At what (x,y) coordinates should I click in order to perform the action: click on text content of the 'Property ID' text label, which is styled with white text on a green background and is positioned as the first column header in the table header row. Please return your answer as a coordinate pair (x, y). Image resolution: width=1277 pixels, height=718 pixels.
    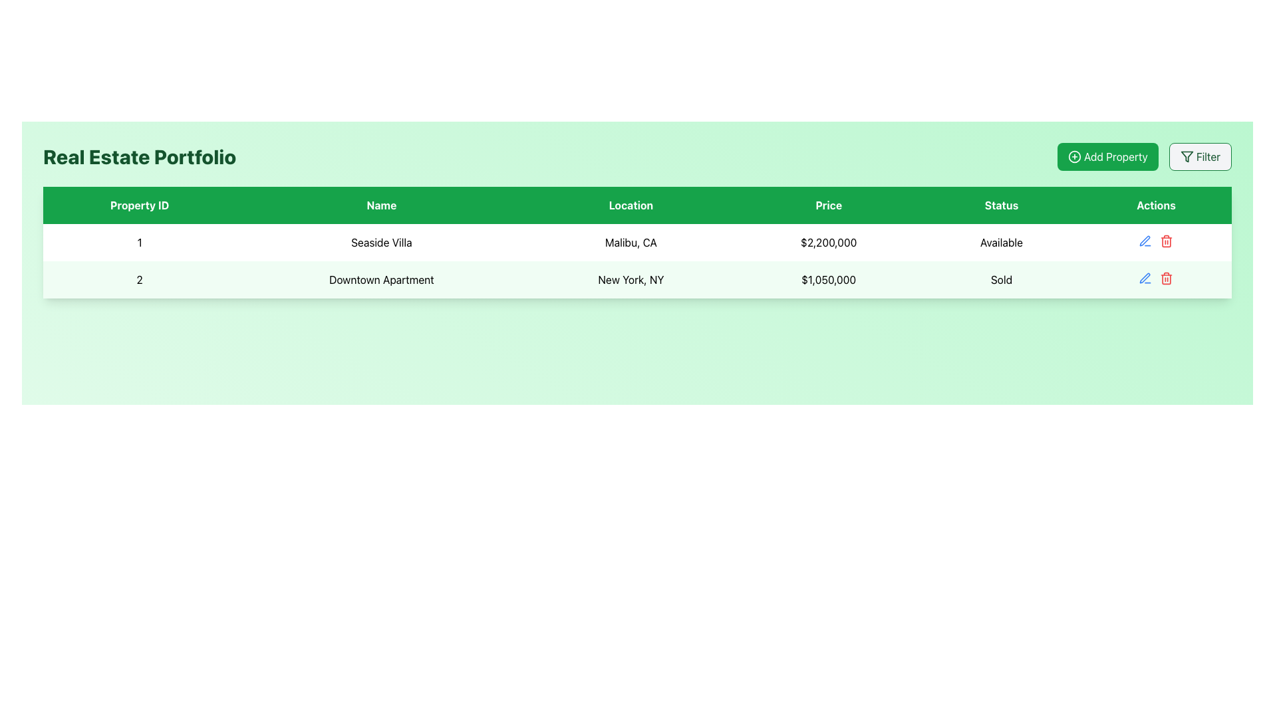
    Looking at the image, I should click on (140, 205).